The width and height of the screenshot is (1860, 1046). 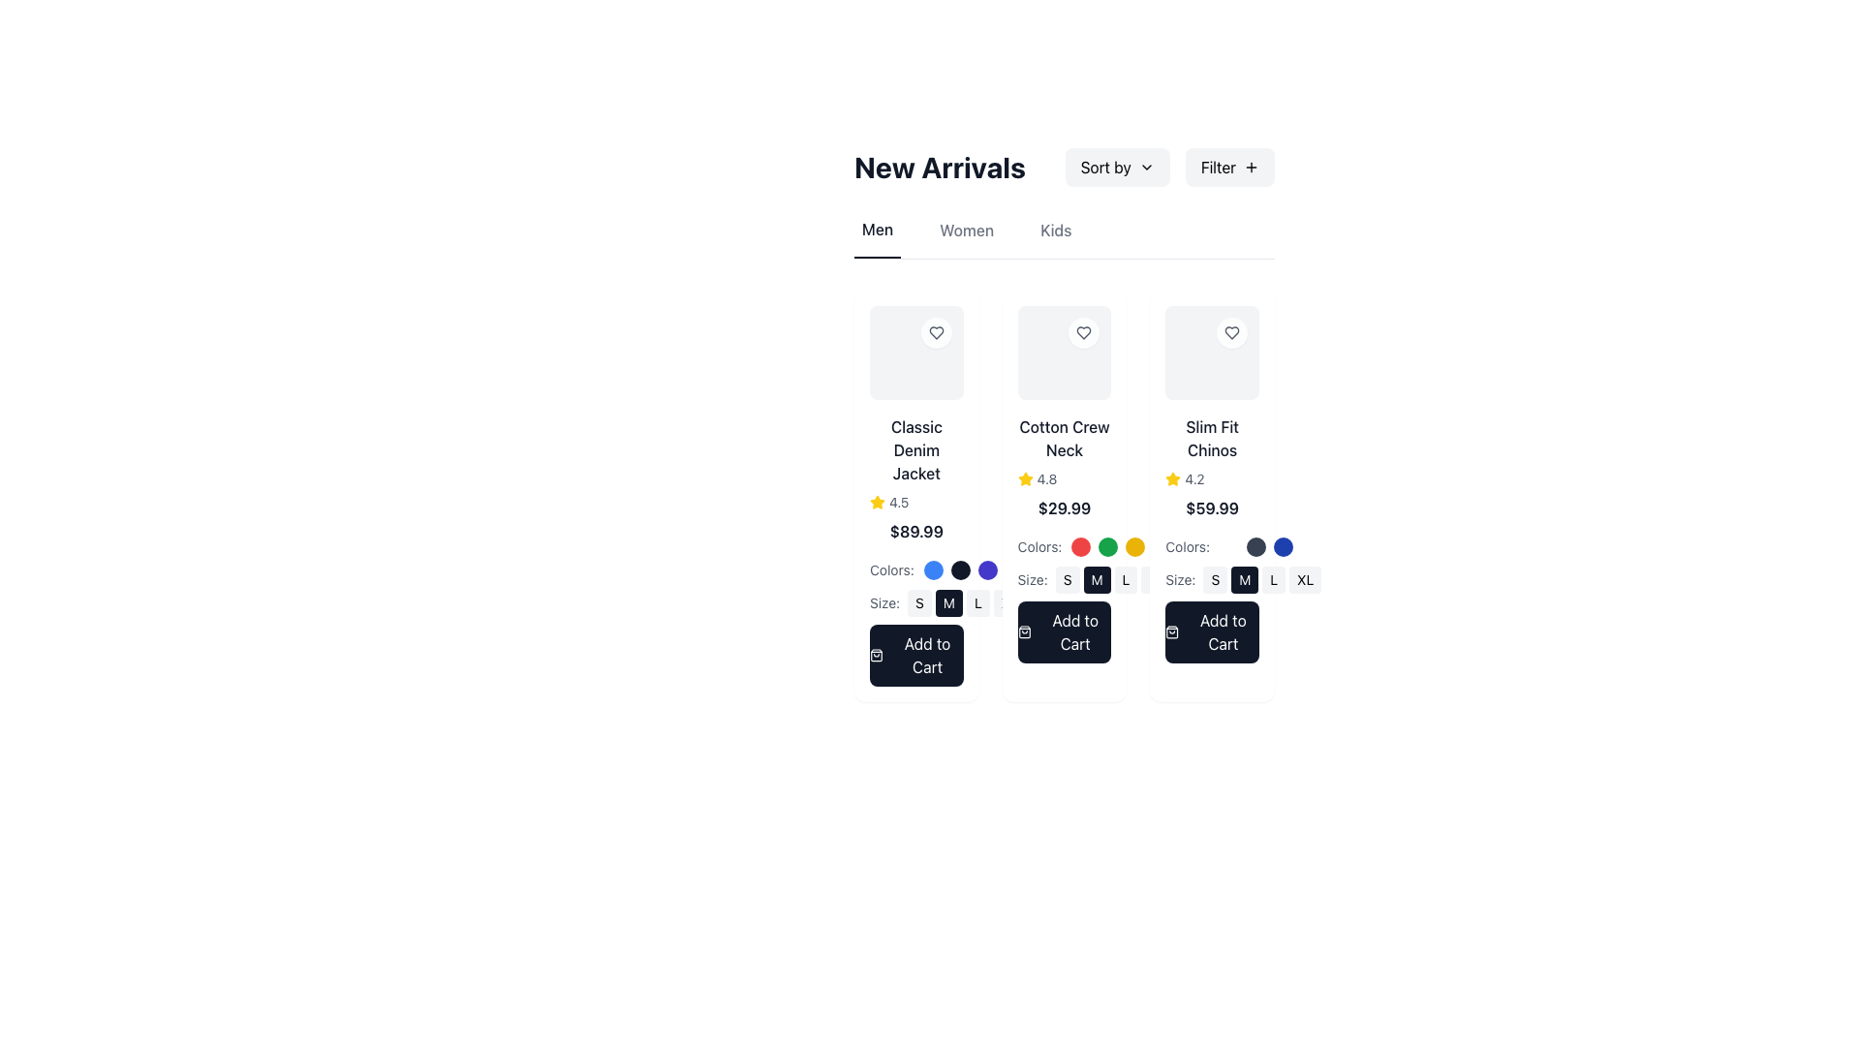 I want to click on the 'Sort by' Dropdown button, which is a light gray rectangular button with a downward-pointing arrow icon, so click(x=1117, y=167).